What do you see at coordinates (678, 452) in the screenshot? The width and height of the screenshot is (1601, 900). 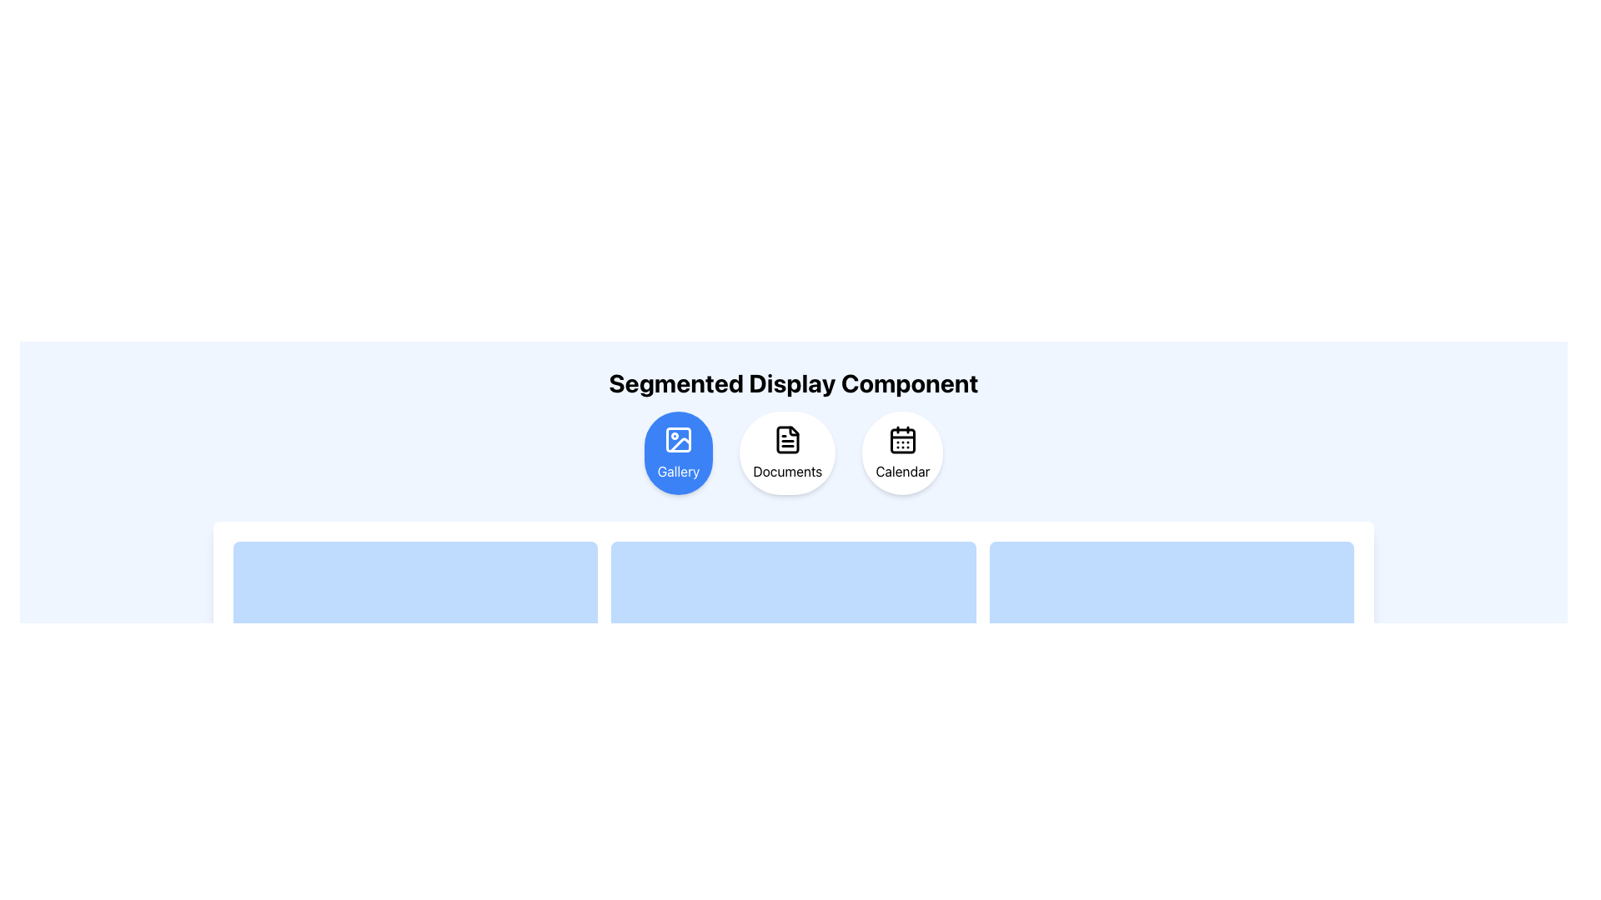 I see `the circular button labeled 'Gallery' with a blue background and a picture frame icon to trigger a tooltip or visual effect` at bounding box center [678, 452].